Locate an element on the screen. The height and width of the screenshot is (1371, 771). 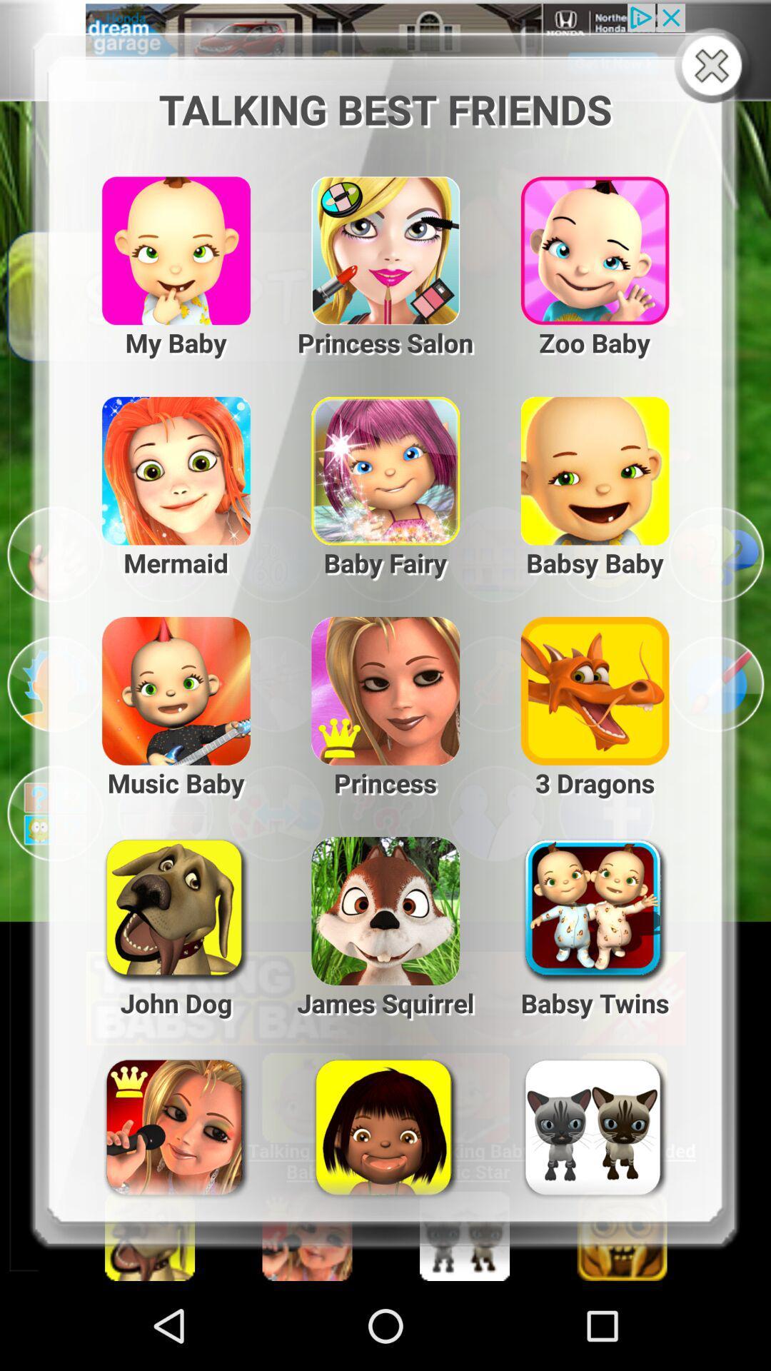
this screen is located at coordinates (715, 66).